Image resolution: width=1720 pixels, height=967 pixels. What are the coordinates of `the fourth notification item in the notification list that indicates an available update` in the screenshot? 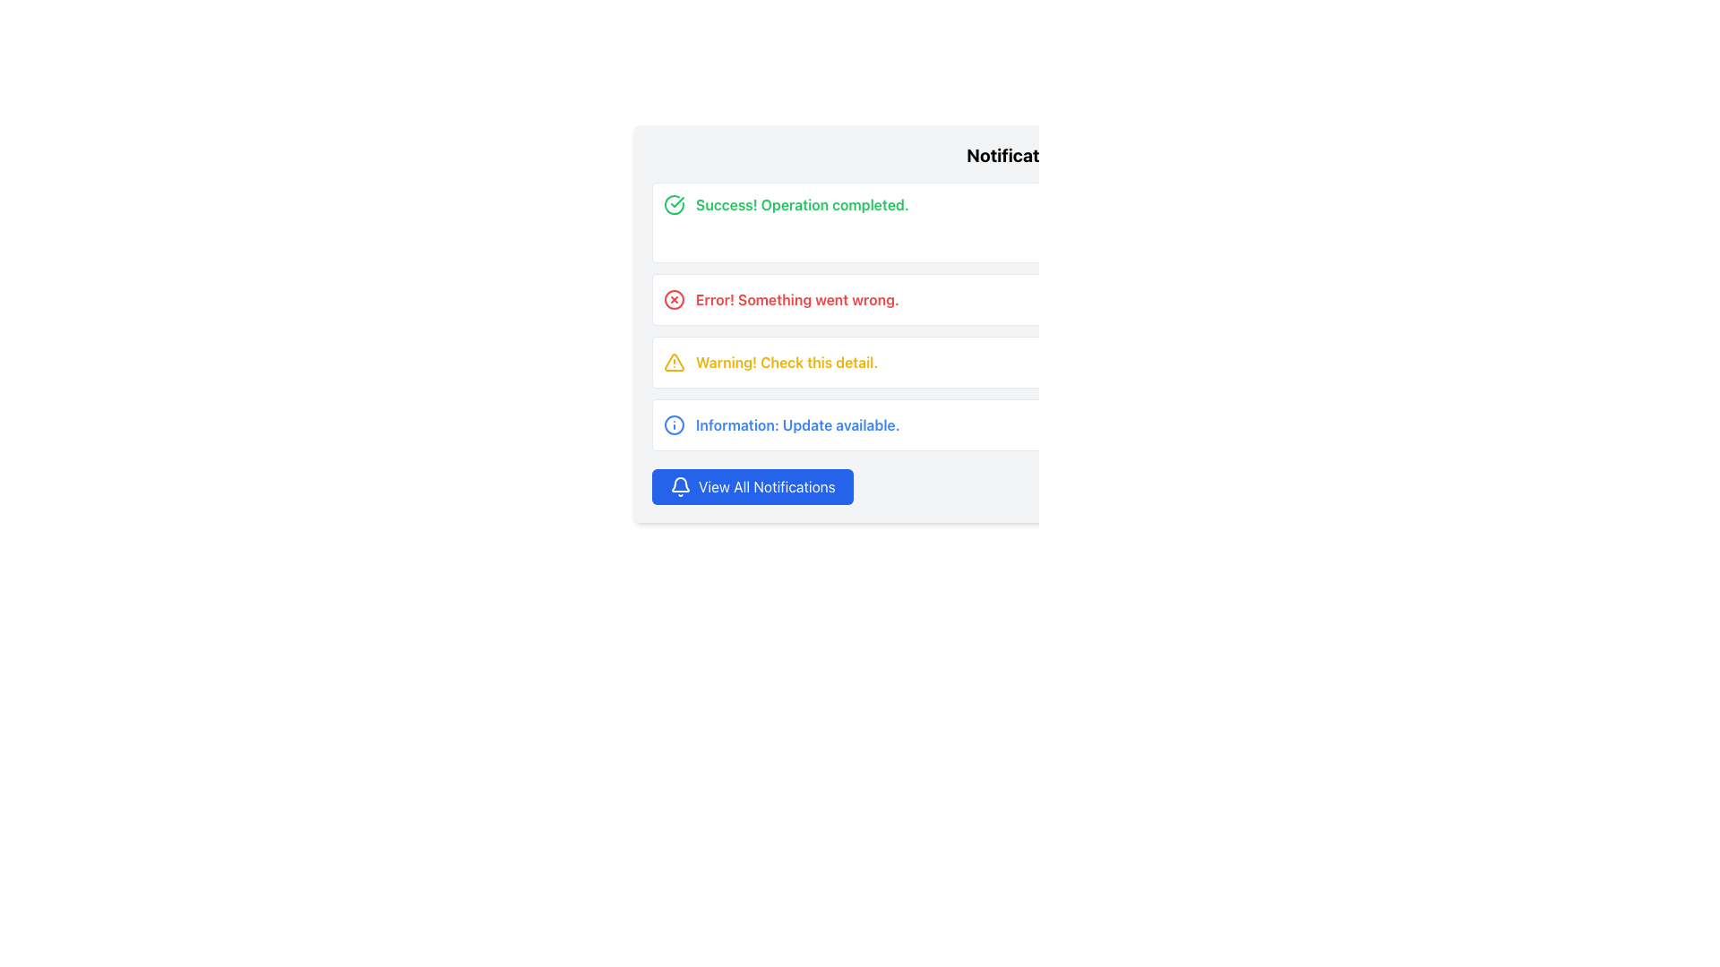 It's located at (1064, 424).